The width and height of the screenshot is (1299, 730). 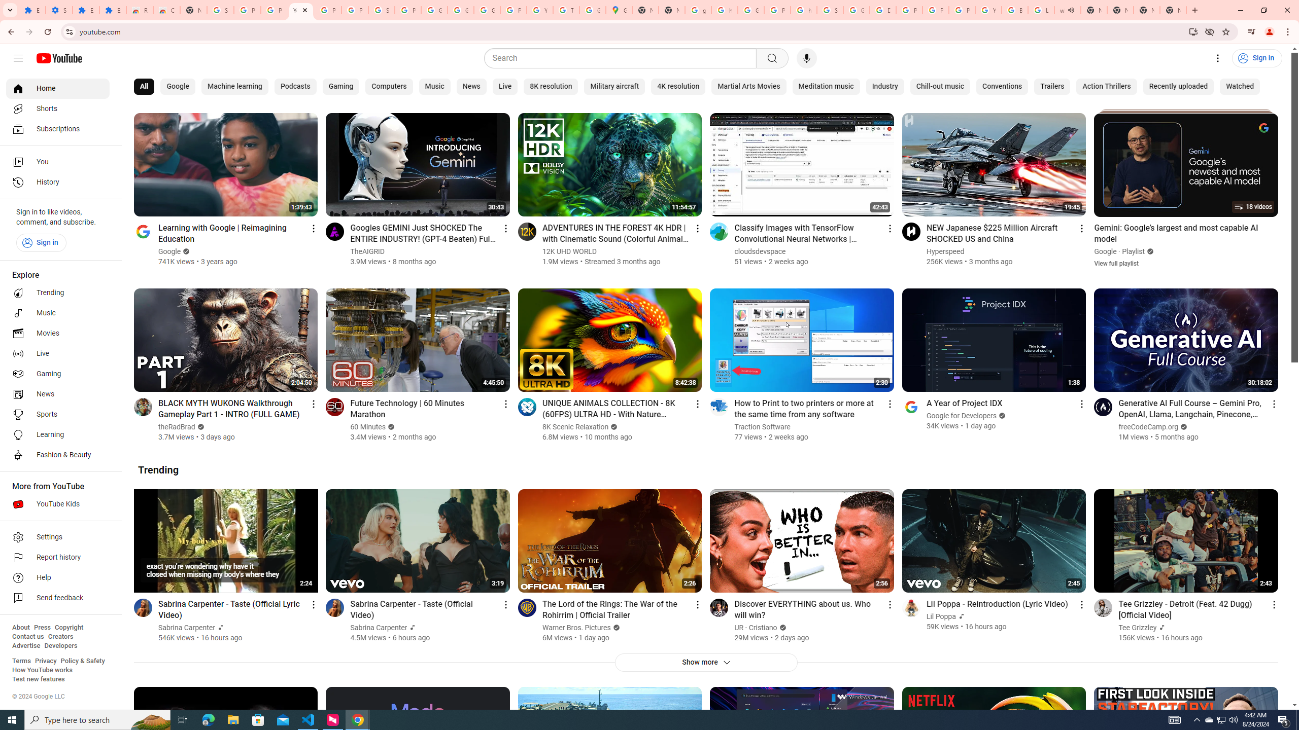 What do you see at coordinates (57, 455) in the screenshot?
I see `'Fashion & Beauty'` at bounding box center [57, 455].